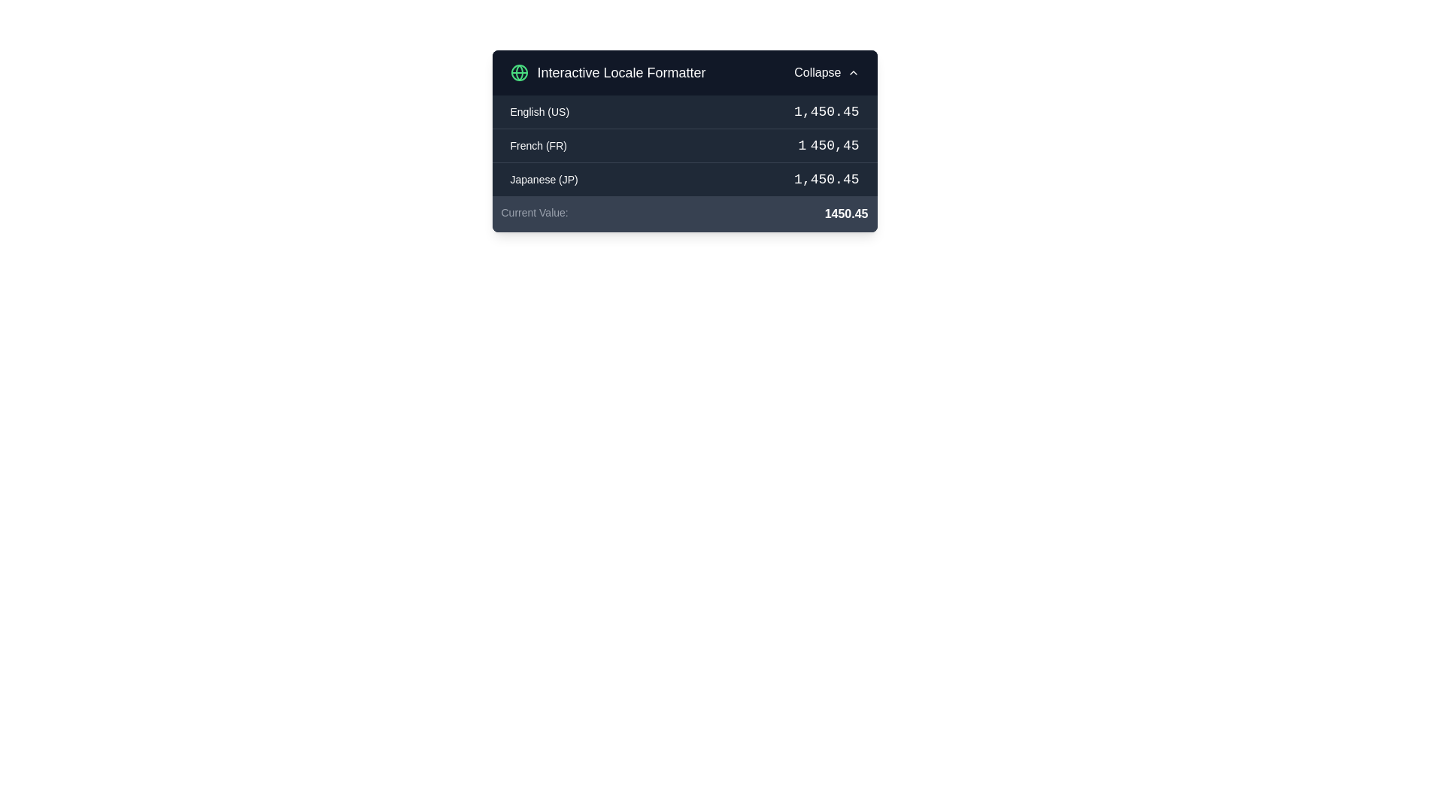 The width and height of the screenshot is (1444, 812). Describe the element at coordinates (817, 72) in the screenshot. I see `the text label that indicates the dropdown menu can be collapsed, located at the top-right segment of the dropdown menu widget, to the left of the upward-pointing chevron icon` at that location.